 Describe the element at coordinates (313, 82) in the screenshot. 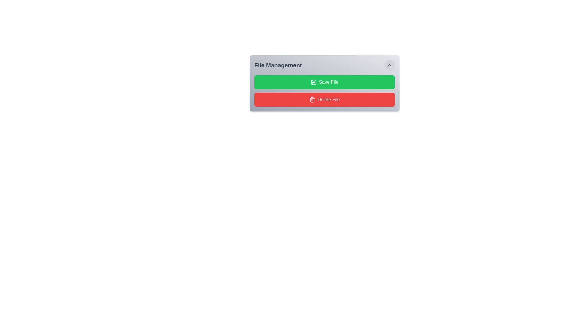

I see `the floppy disk icon with a green background, which represents the save action, located within the 'Save File' button in the 'File Management' section` at that location.